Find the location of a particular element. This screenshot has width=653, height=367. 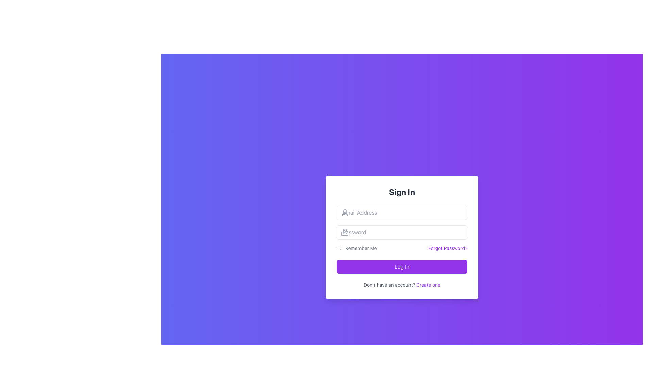

the hyperlink located to the right of the 'Remember Me' checkbox is located at coordinates (448, 248).